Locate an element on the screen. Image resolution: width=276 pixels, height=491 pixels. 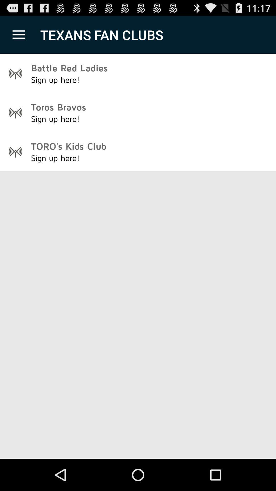
the icon next to the texans fan clubs app is located at coordinates (18, 35).